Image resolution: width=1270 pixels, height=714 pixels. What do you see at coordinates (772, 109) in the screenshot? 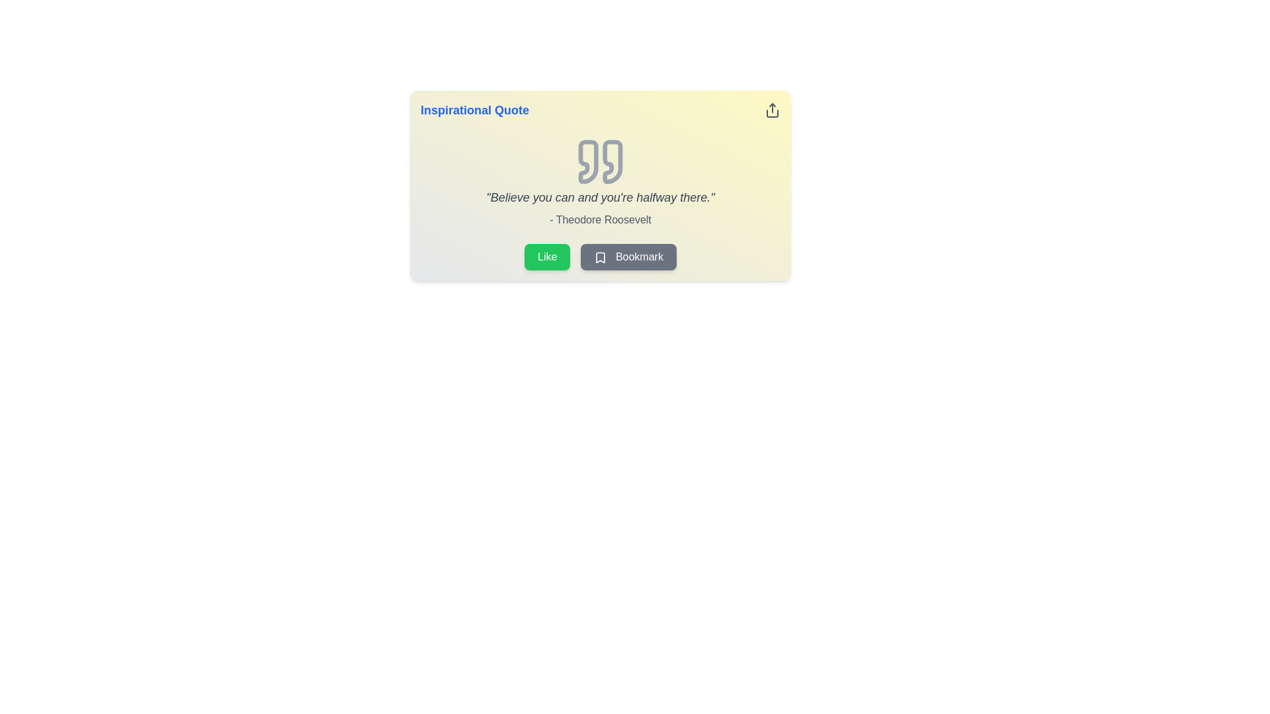
I see `the share button located at the top-right corner of the card, adjacent to the title text 'Inspirational Quote'` at bounding box center [772, 109].